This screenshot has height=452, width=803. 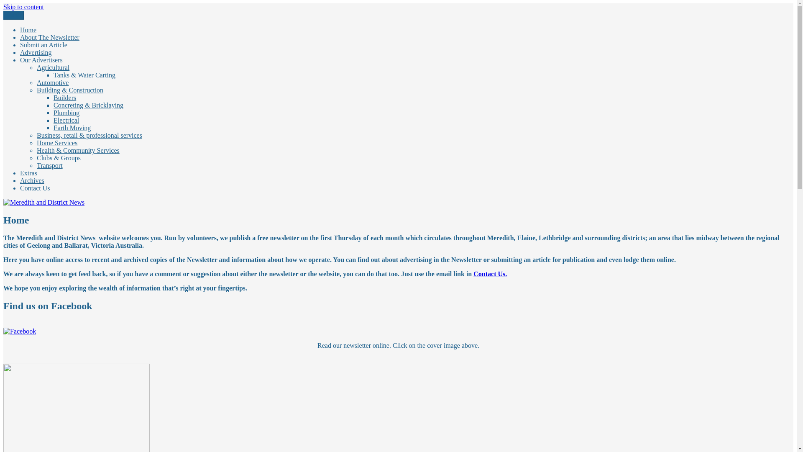 I want to click on 'Home Services', so click(x=56, y=142).